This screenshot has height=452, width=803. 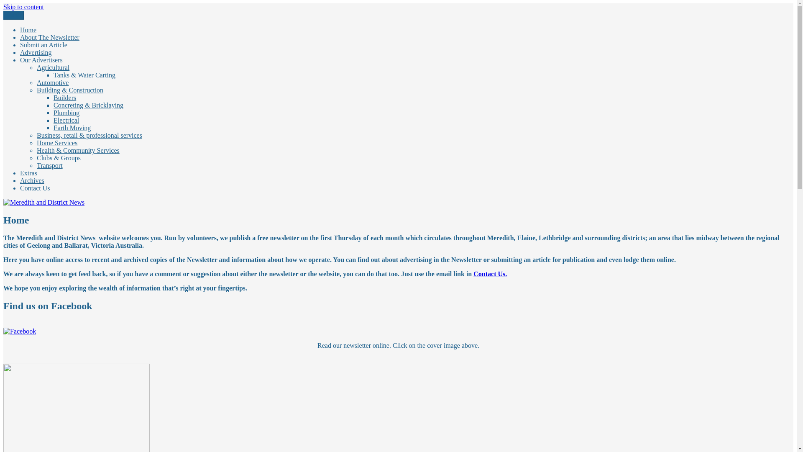 I want to click on 'Home Services', so click(x=56, y=142).